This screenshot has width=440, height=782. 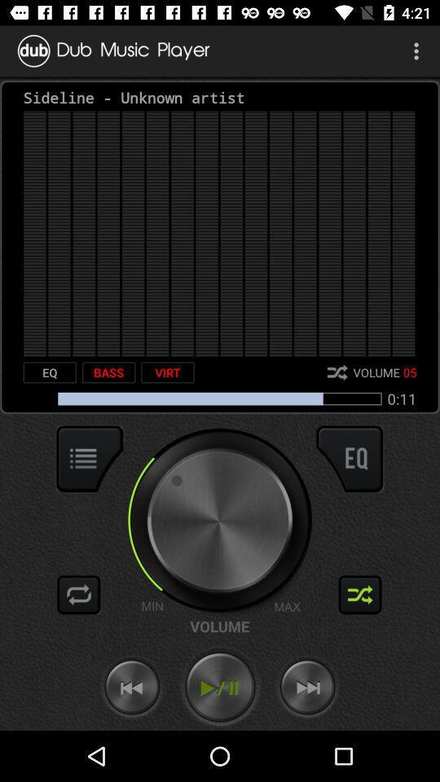 I want to click on next track, so click(x=307, y=687).